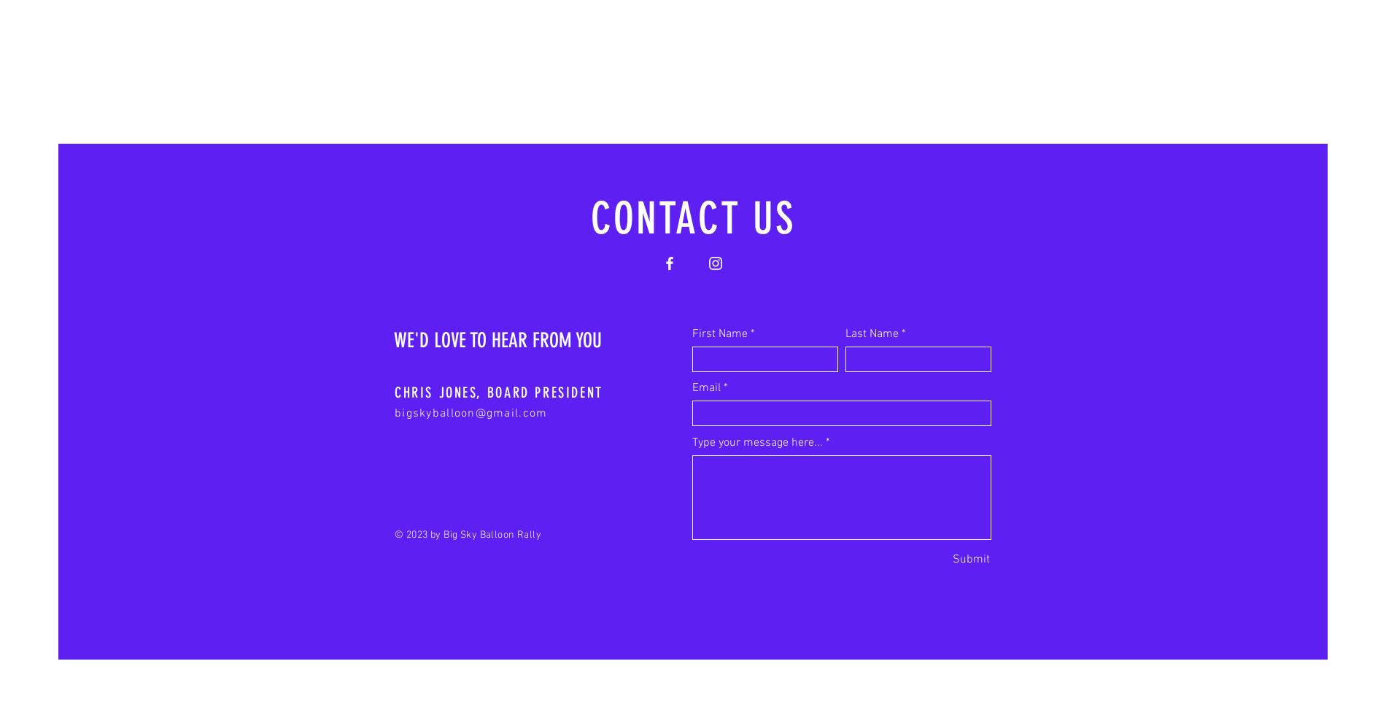 The height and width of the screenshot is (707, 1386). What do you see at coordinates (692, 218) in the screenshot?
I see `'CONTACT US'` at bounding box center [692, 218].